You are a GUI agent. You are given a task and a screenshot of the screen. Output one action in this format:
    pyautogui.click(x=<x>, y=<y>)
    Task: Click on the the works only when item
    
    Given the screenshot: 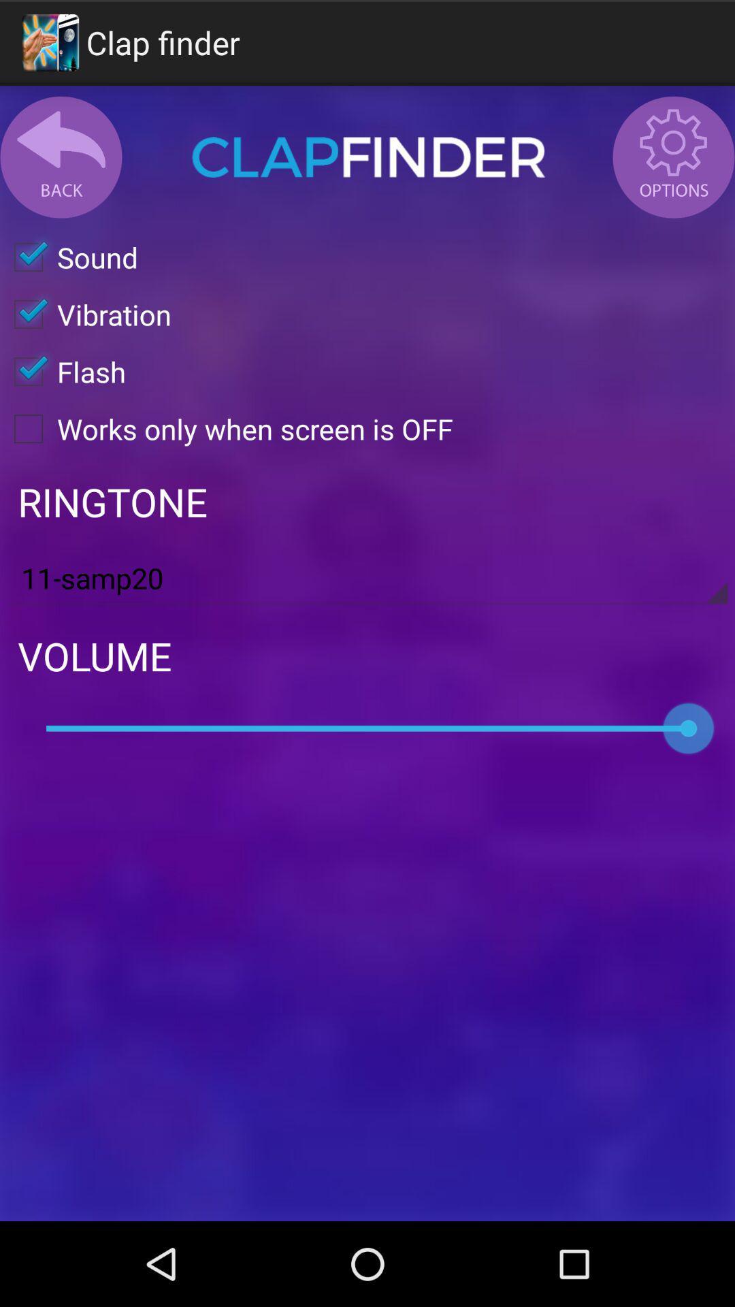 What is the action you would take?
    pyautogui.click(x=225, y=427)
    